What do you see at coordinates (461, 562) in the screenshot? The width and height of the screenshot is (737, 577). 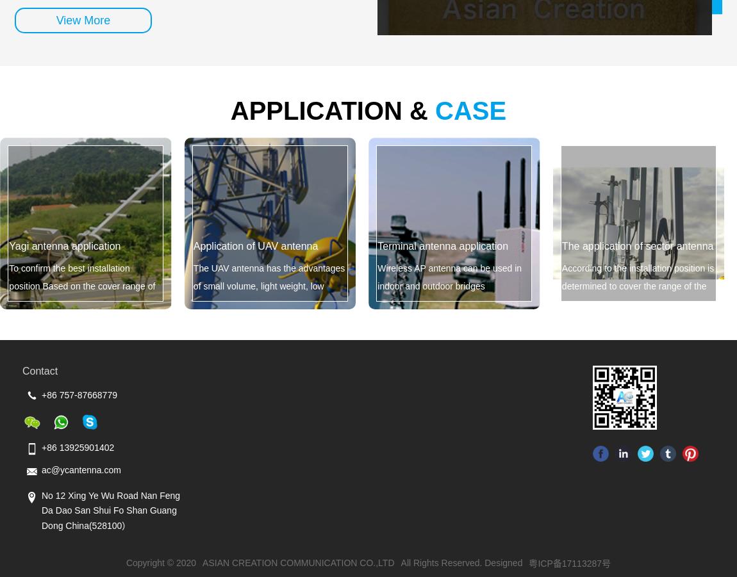 I see `'All Rights Reserved. Designed'` at bounding box center [461, 562].